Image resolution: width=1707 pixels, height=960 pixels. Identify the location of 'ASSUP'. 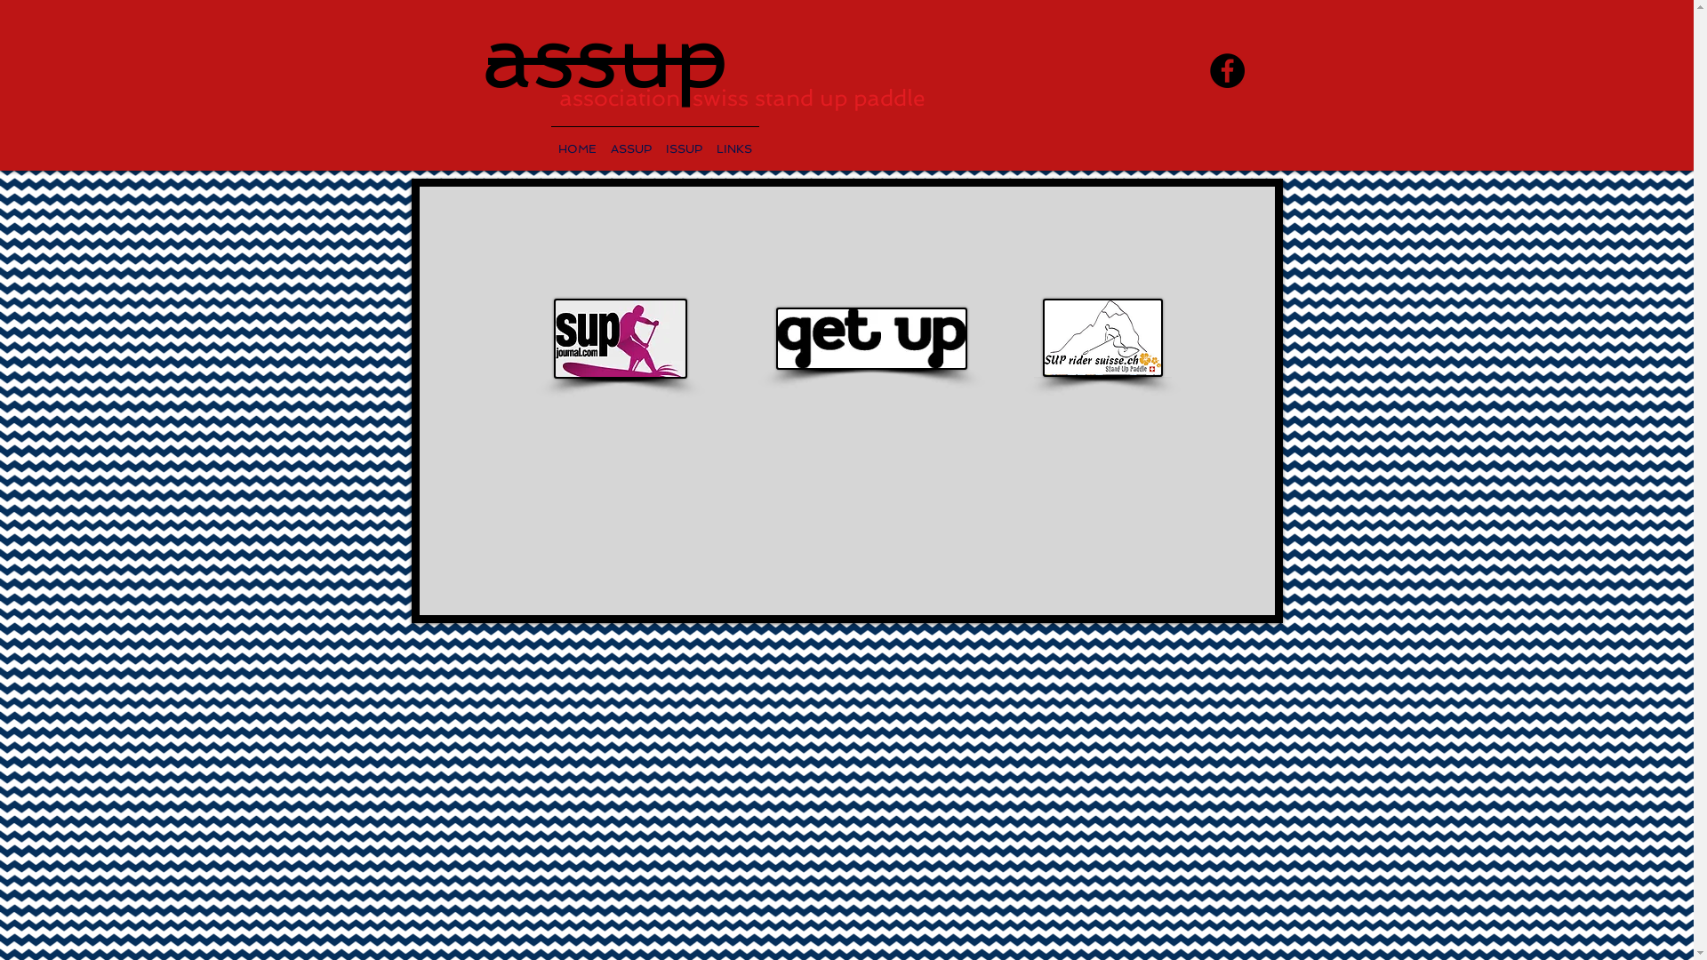
(630, 140).